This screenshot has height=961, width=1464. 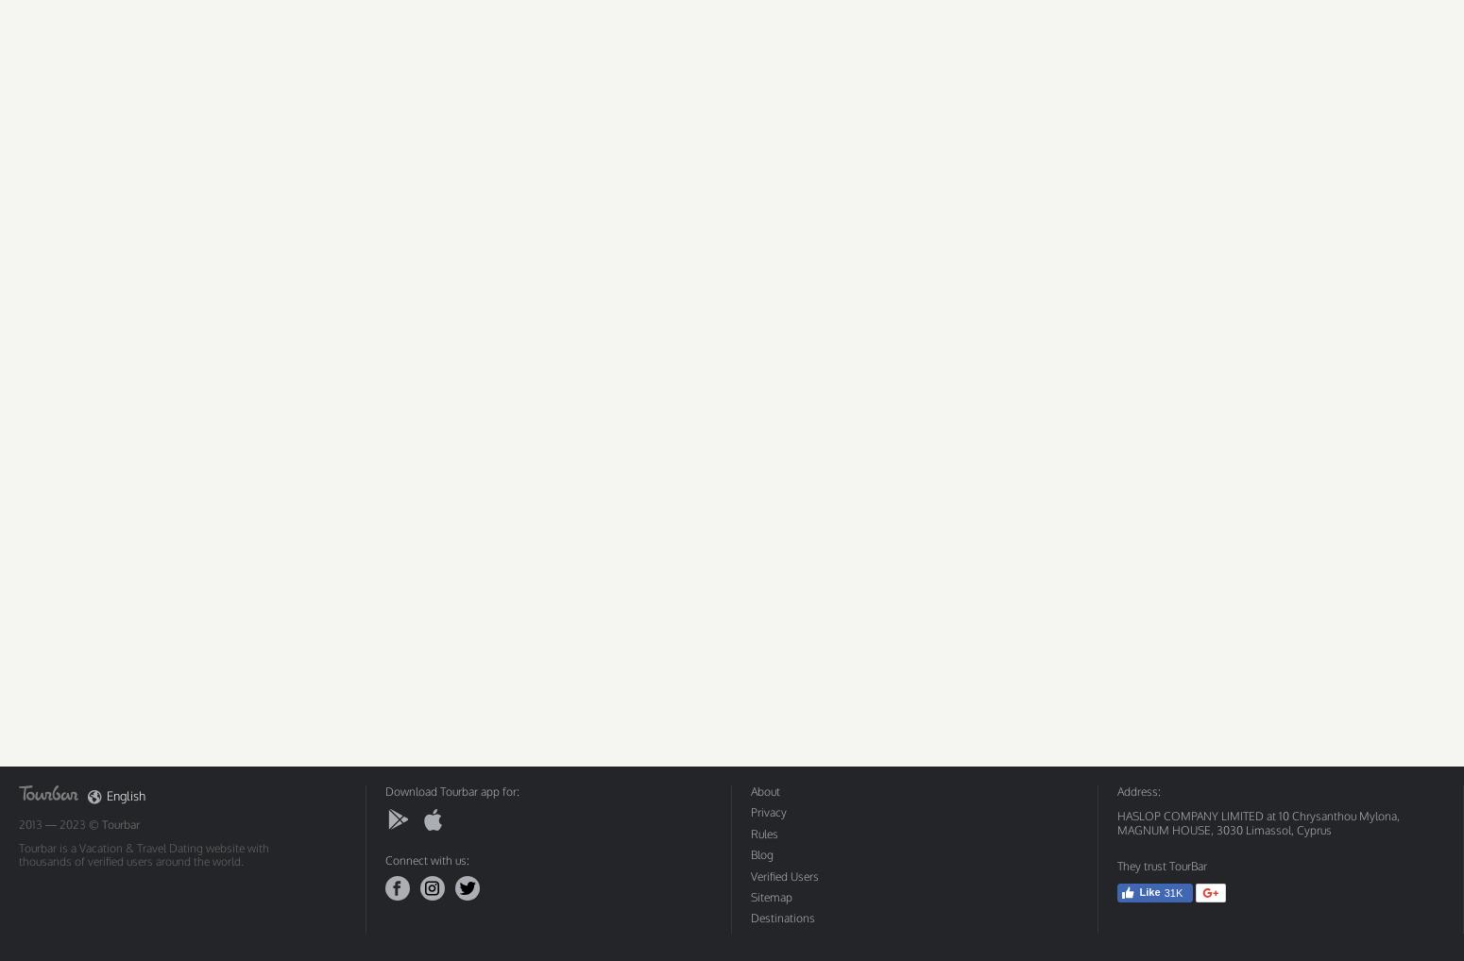 I want to click on 'Like', so click(x=1139, y=891).